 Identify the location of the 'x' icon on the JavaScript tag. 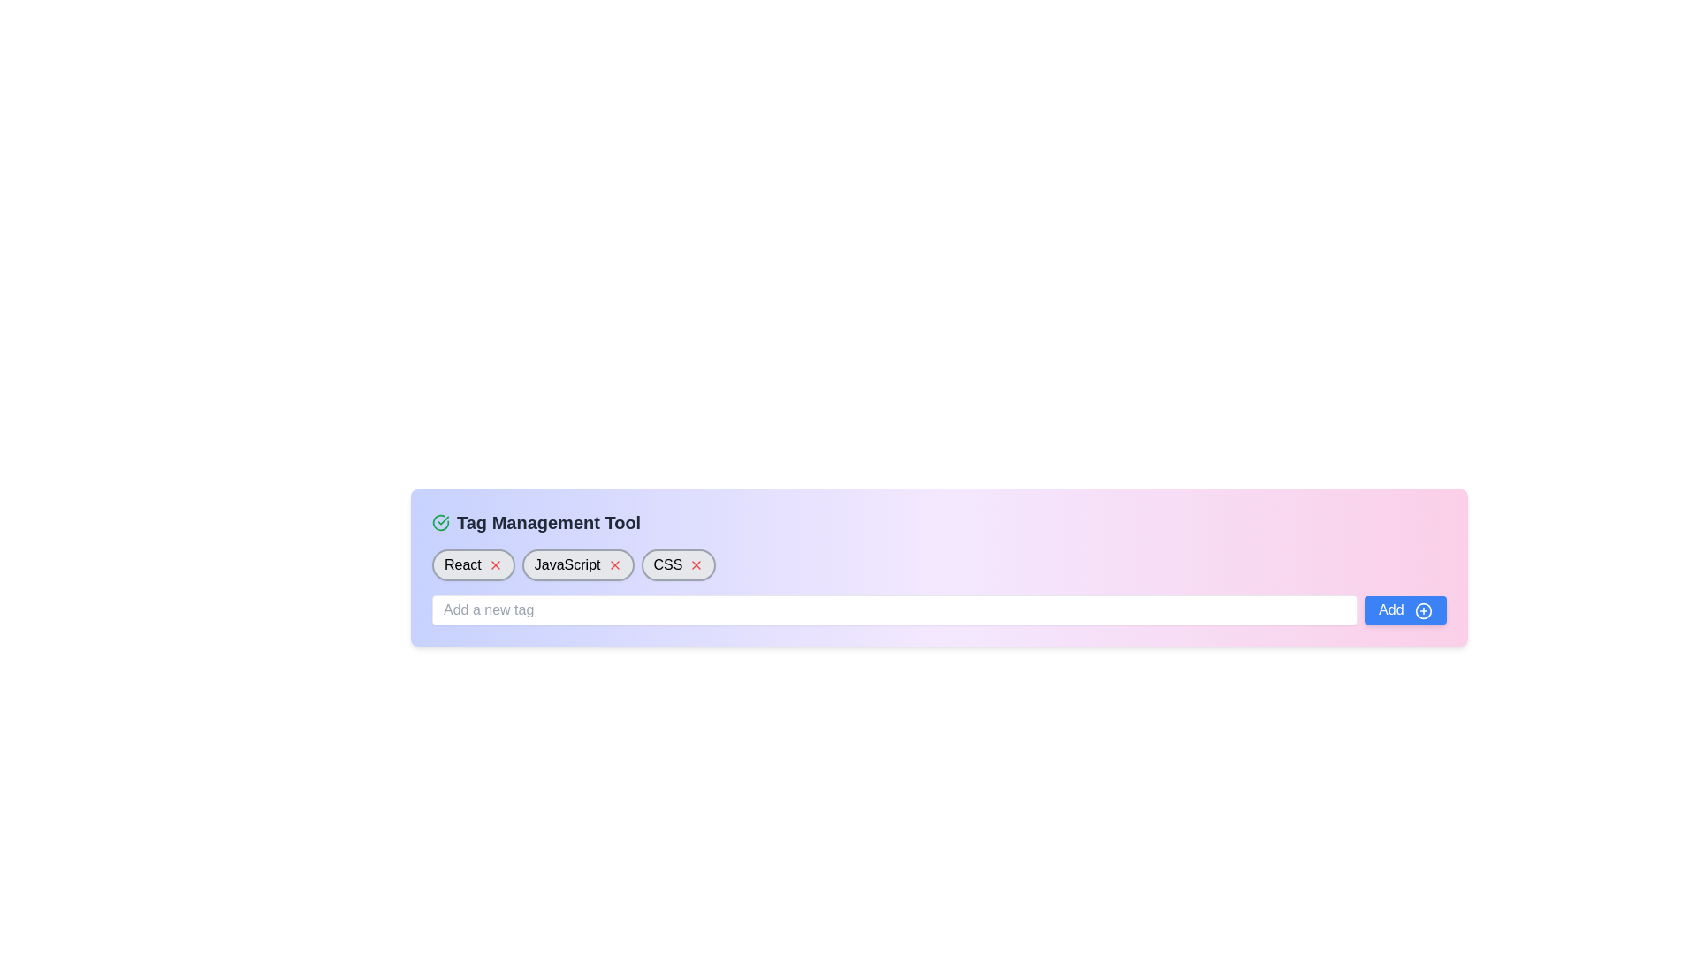
(578, 565).